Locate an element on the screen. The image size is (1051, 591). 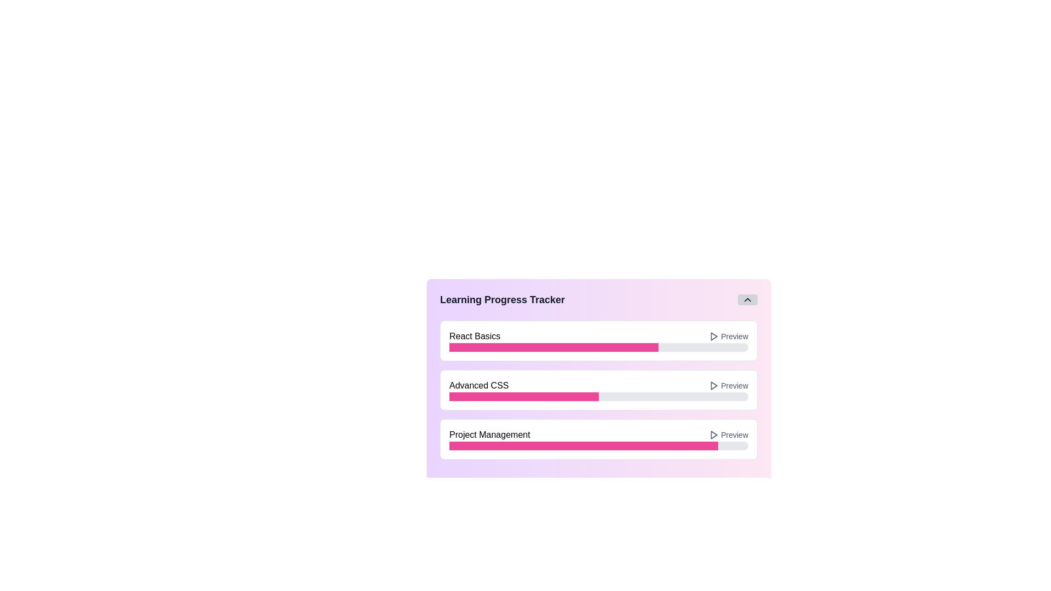
the progress bar indicating the completion of 'React Basics' is located at coordinates (598, 395).